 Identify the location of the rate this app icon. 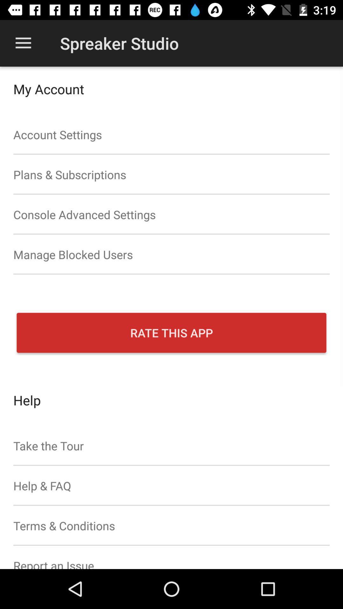
(171, 332).